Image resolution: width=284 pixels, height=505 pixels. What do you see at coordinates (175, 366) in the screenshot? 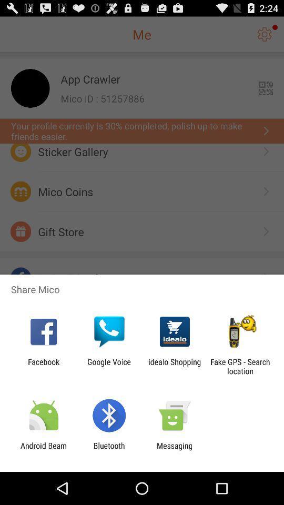
I see `the idealo shopping item` at bounding box center [175, 366].